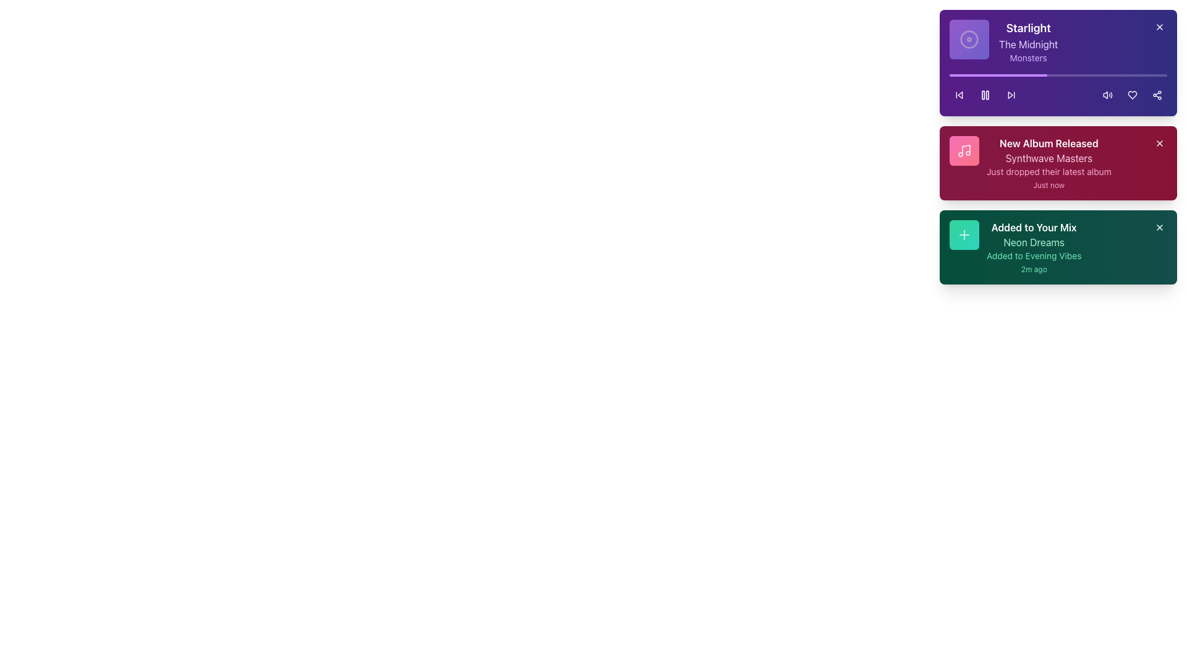  Describe the element at coordinates (1044, 75) in the screenshot. I see `the progress bar` at that location.